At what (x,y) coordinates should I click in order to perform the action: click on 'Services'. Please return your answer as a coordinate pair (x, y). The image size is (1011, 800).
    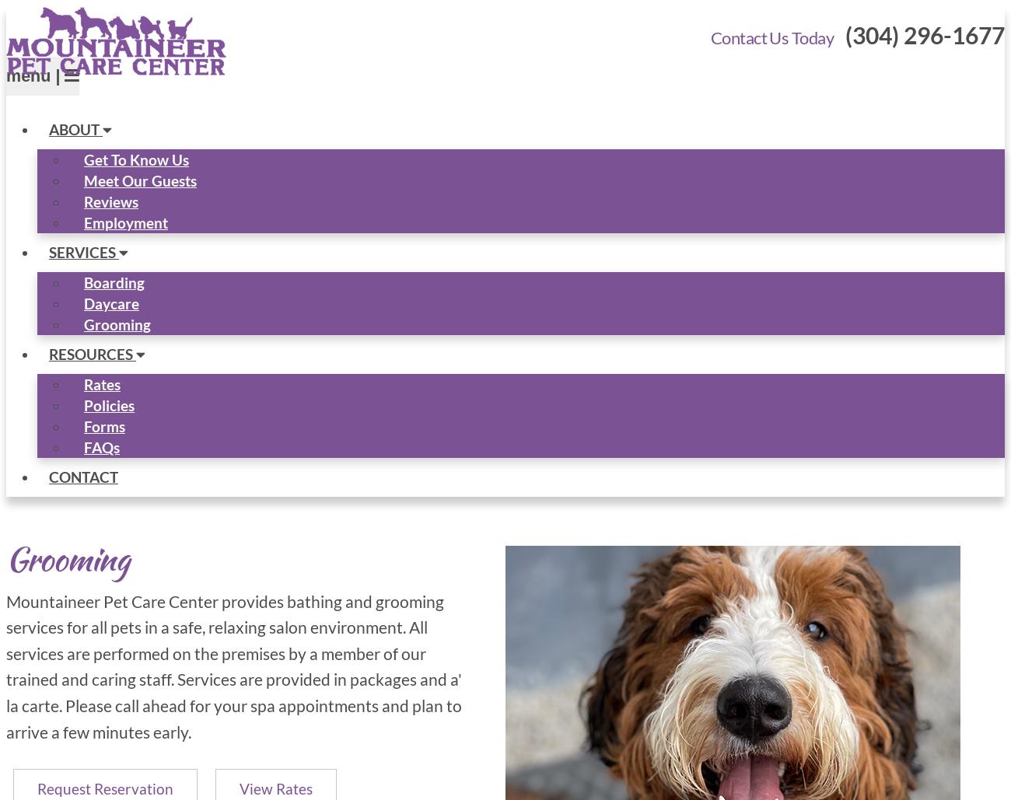
    Looking at the image, I should click on (84, 251).